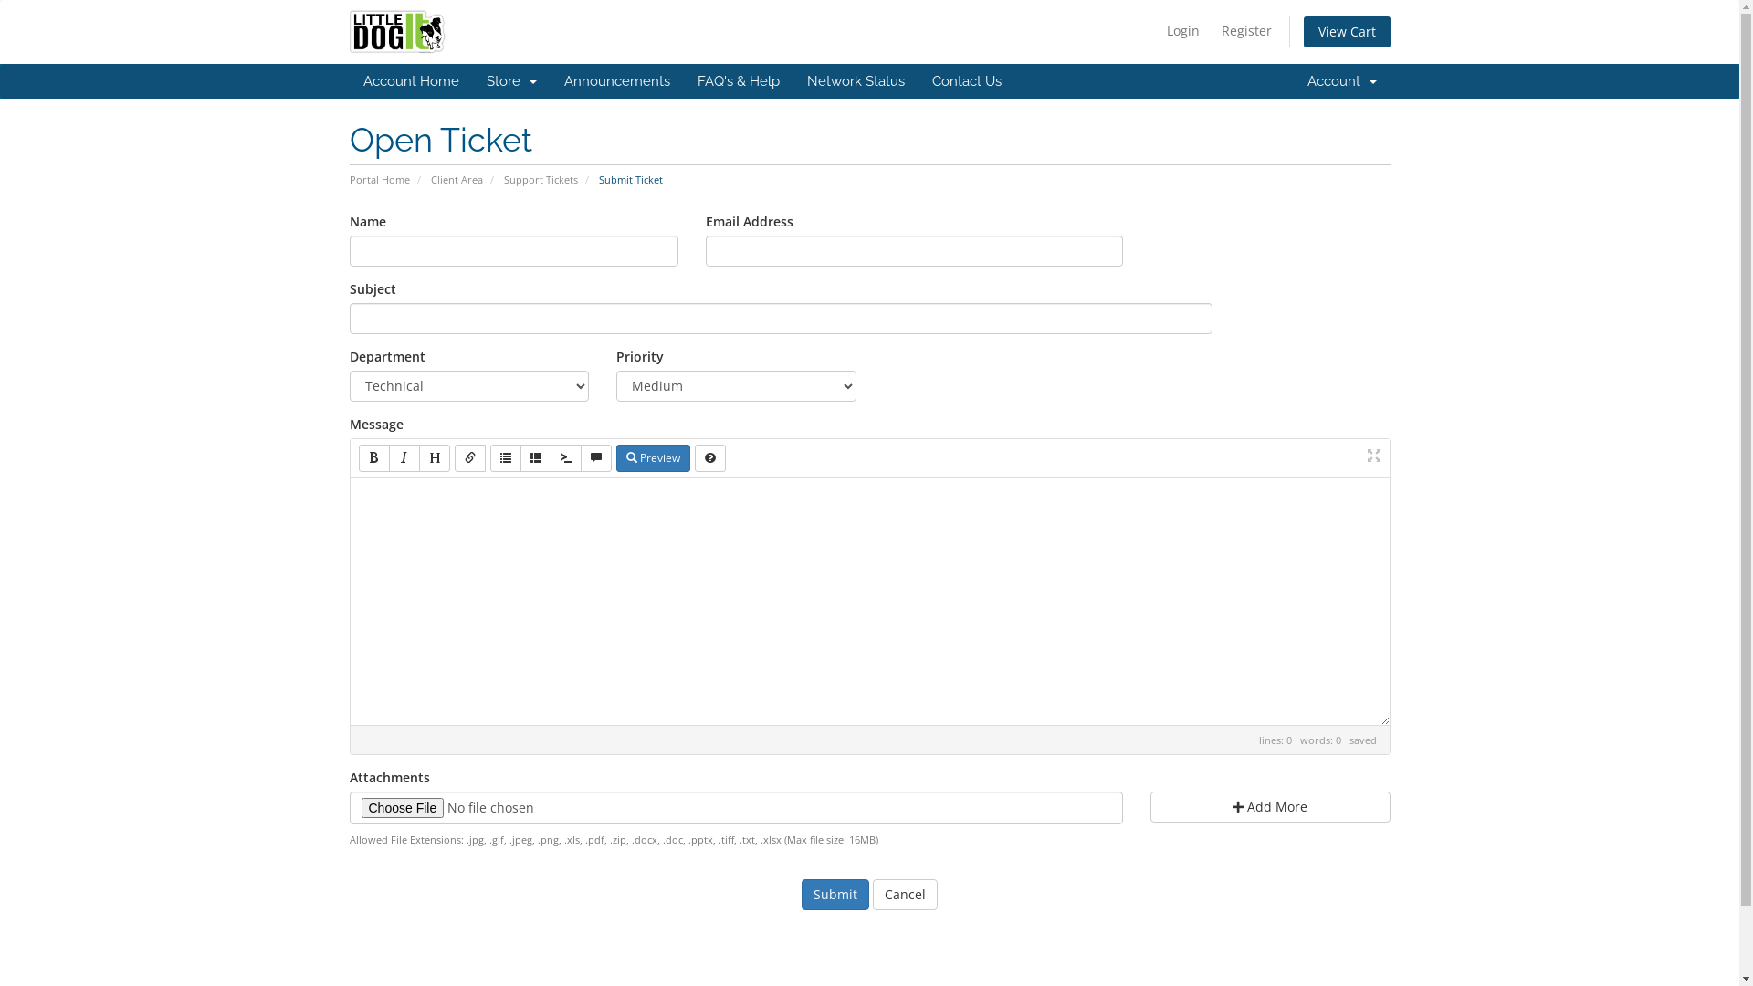  Describe the element at coordinates (1269, 805) in the screenshot. I see `'Add More'` at that location.